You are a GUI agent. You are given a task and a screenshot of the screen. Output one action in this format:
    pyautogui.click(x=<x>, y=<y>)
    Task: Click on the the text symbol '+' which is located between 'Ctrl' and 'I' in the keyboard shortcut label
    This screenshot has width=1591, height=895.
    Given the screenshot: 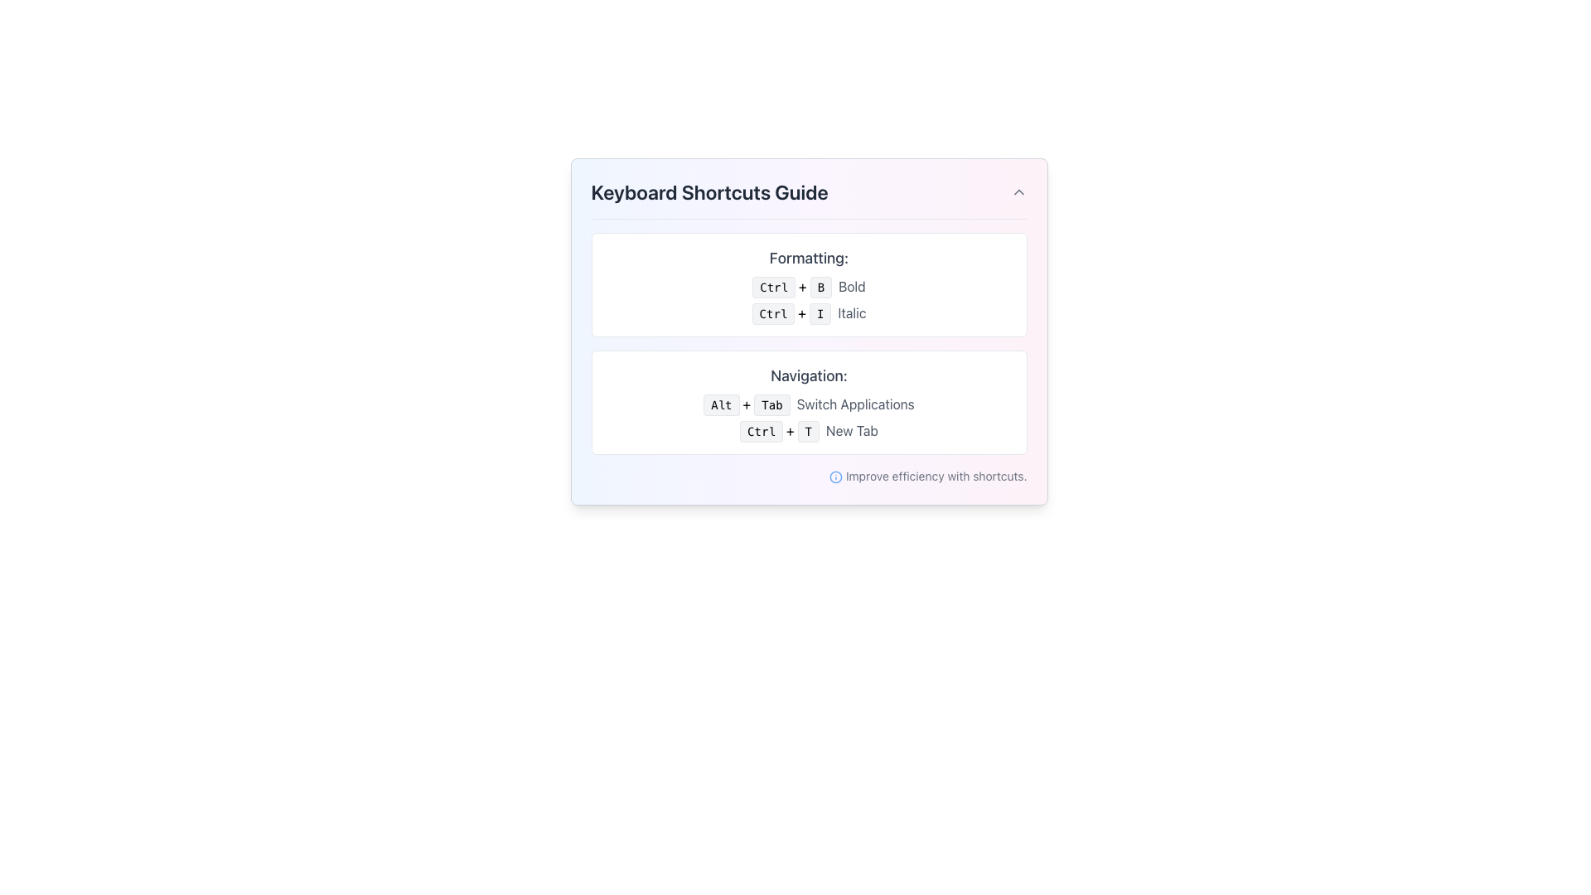 What is the action you would take?
    pyautogui.click(x=802, y=313)
    